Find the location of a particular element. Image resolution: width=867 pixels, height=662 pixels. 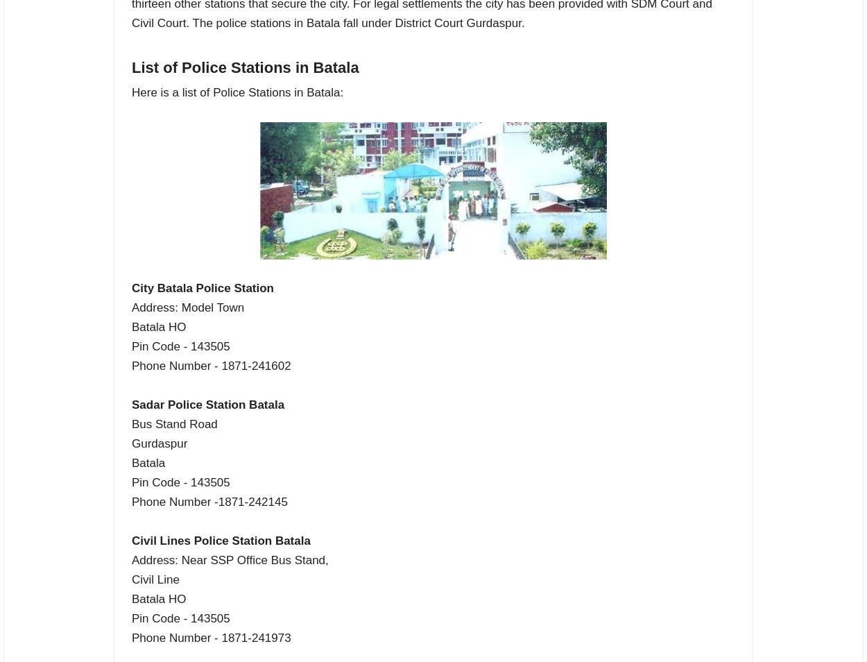

'Batala' is located at coordinates (148, 461).